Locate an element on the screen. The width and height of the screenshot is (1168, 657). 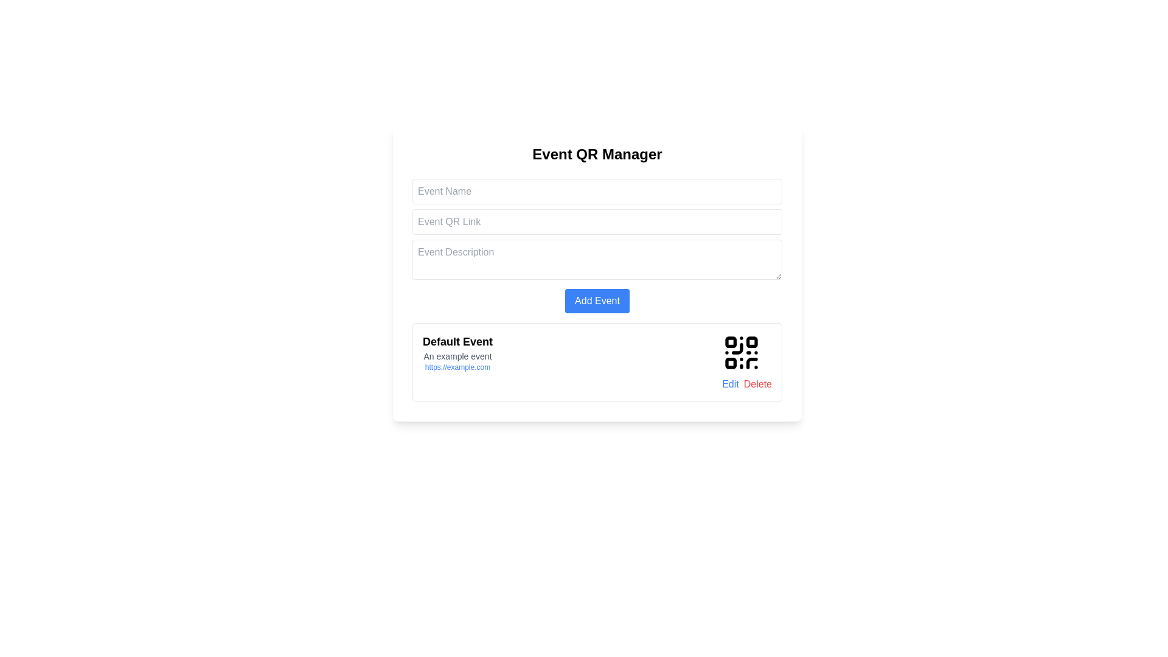
the decorative square with rounded corners, styled in black fill, located as the second square from the left in the top row of the QR code within the 'Default Event' card is located at coordinates (751, 342).